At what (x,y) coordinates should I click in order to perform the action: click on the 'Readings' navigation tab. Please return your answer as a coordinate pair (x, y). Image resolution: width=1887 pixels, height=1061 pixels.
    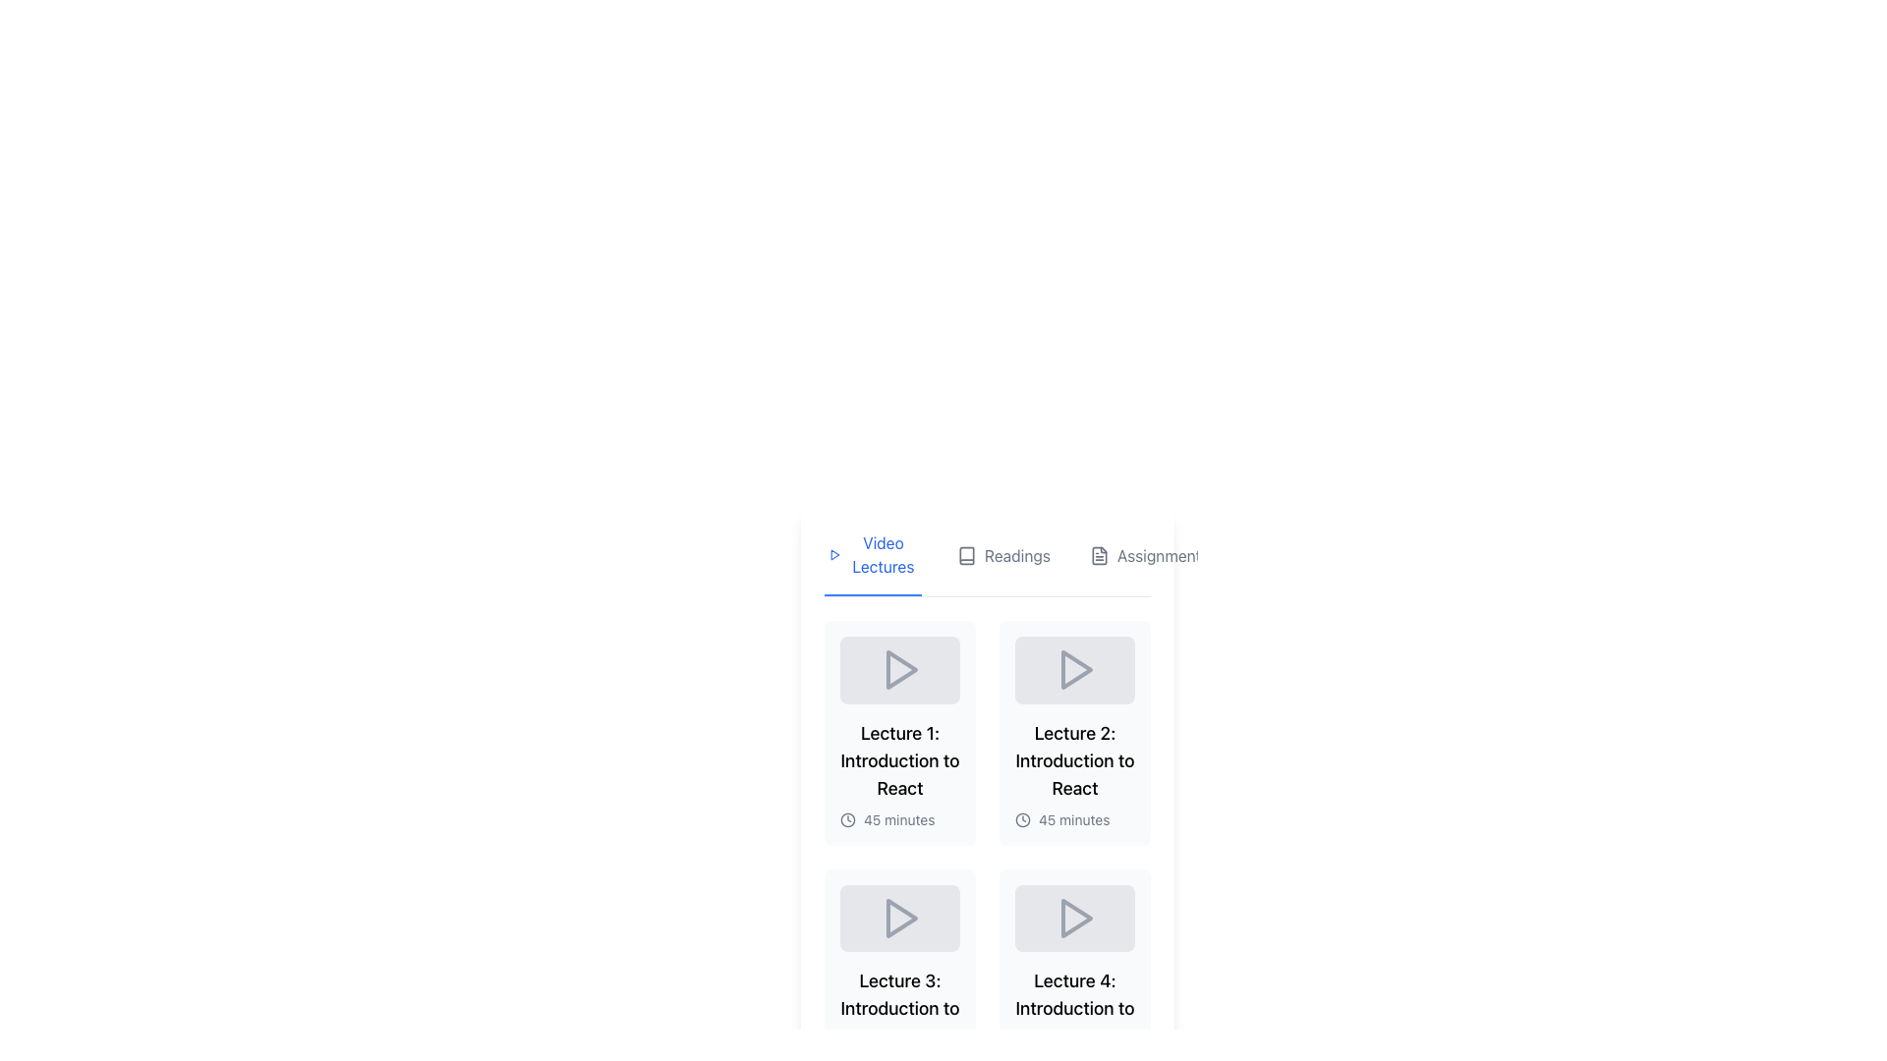
    Looking at the image, I should click on (1017, 556).